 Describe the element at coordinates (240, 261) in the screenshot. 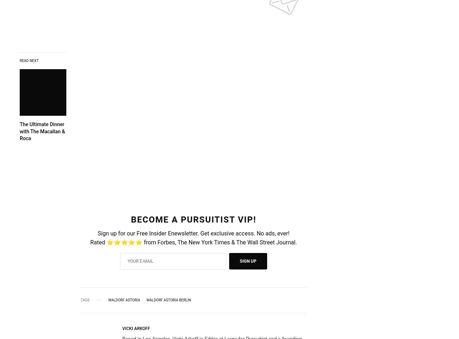

I see `'SIGN UP'` at that location.